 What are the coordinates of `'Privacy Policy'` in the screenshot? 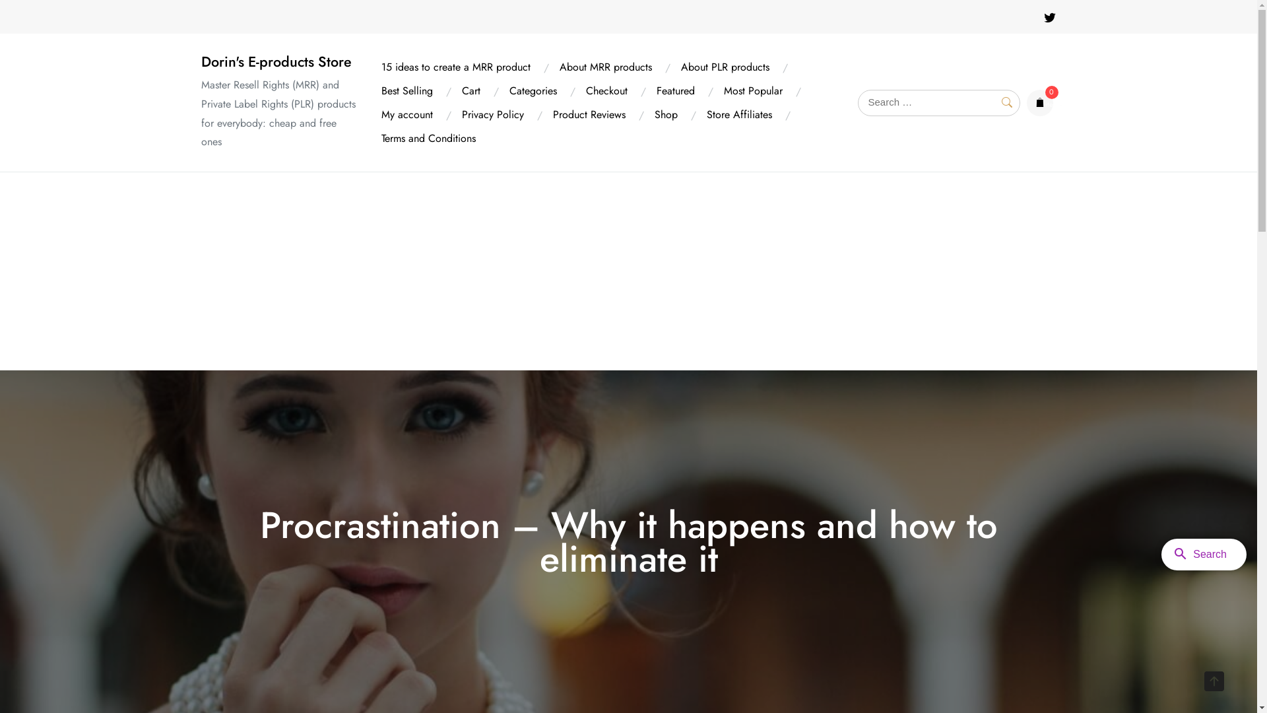 It's located at (492, 114).